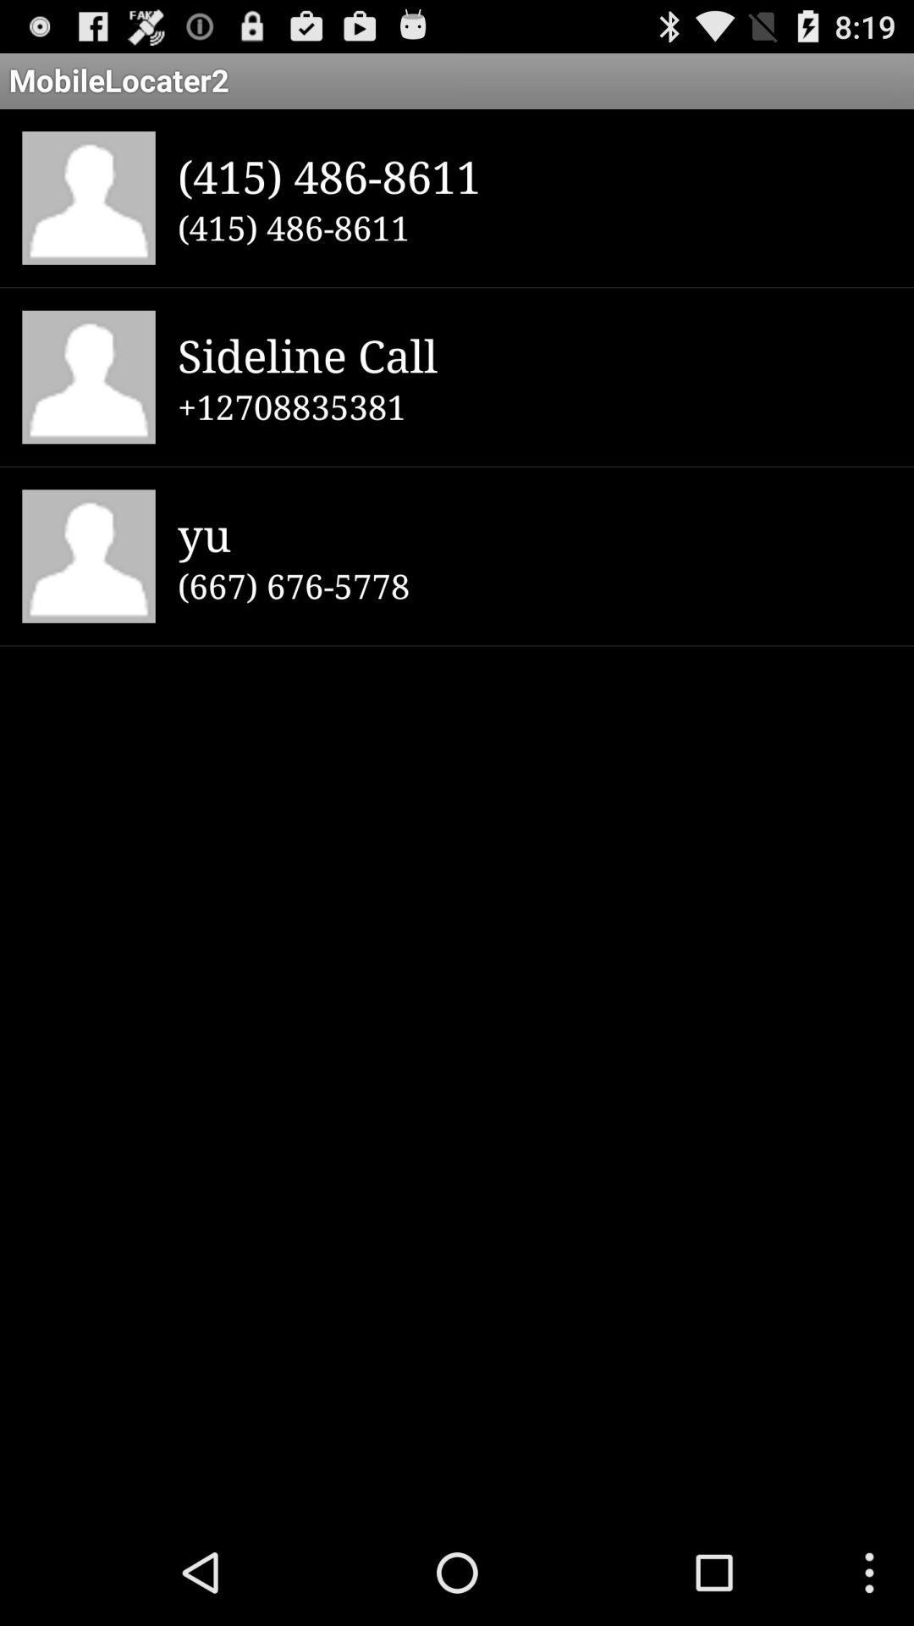 The width and height of the screenshot is (914, 1626). What do you see at coordinates (534, 354) in the screenshot?
I see `the item above the +12708835381 app` at bounding box center [534, 354].